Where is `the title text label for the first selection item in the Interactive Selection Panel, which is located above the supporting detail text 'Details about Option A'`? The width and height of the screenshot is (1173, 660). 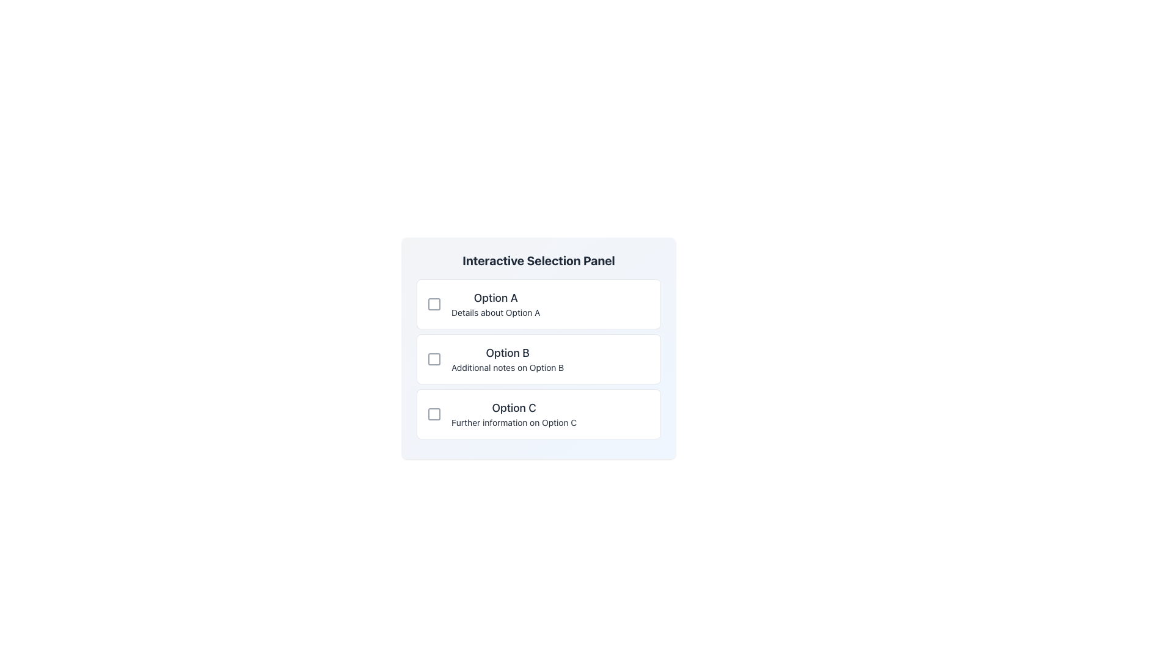
the title text label for the first selection item in the Interactive Selection Panel, which is located above the supporting detail text 'Details about Option A' is located at coordinates (495, 298).